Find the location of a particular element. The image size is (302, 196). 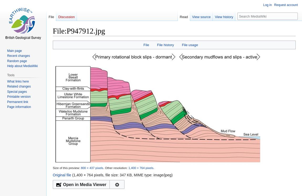

'Original file' is located at coordinates (53, 175).